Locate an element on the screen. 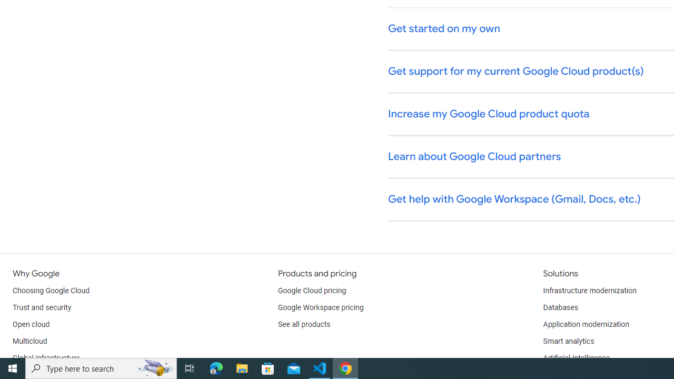 This screenshot has height=379, width=674. 'Google Cloud pricing' is located at coordinates (311, 291).